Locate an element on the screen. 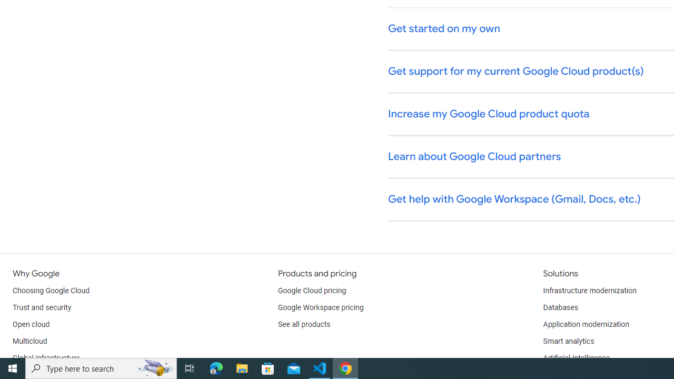 This screenshot has height=379, width=674. 'Google Cloud pricing' is located at coordinates (311, 291).